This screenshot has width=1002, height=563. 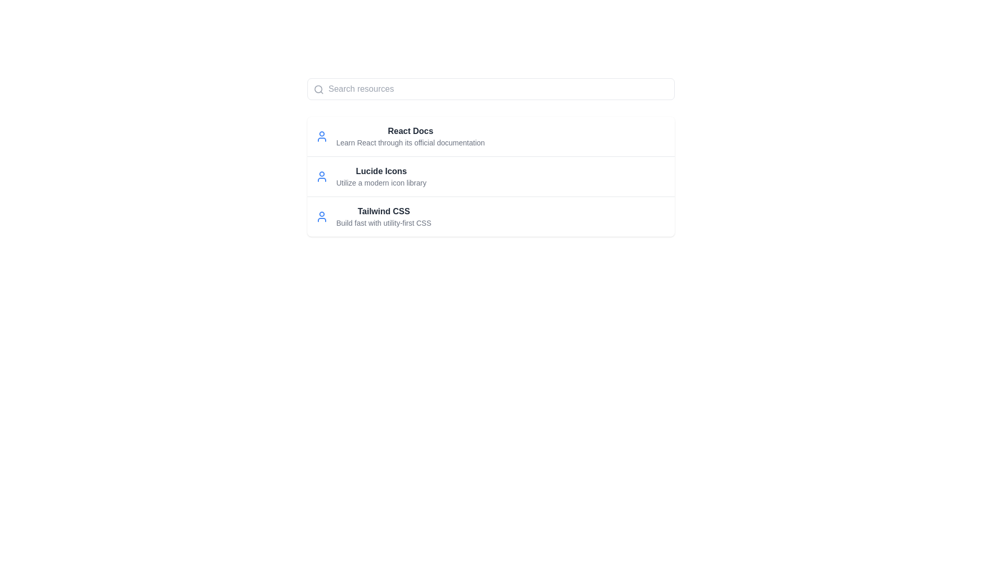 I want to click on the static text element that reads 'Utilize a modern icon library', which is styled with a small gray font and is located directly below 'Lucide Icons', so click(x=380, y=182).